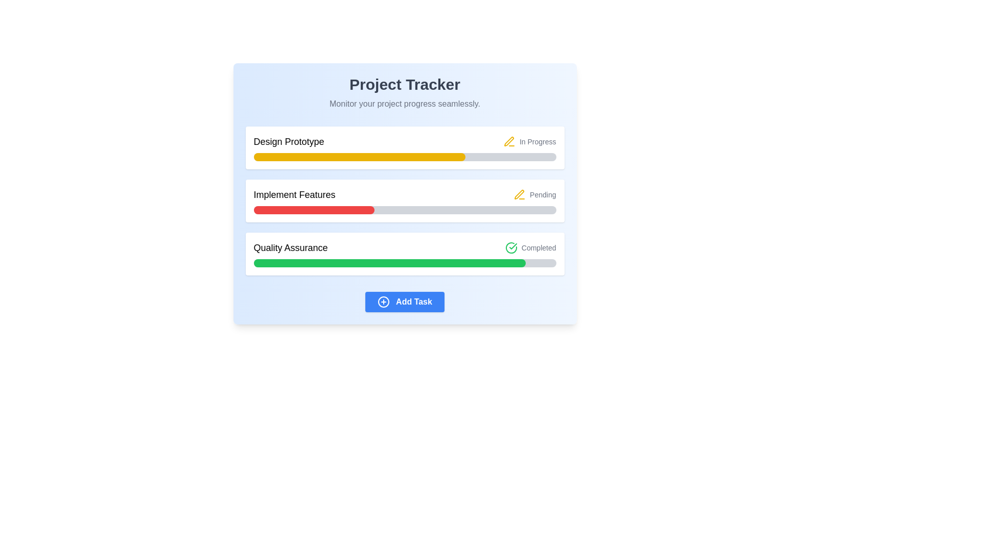  What do you see at coordinates (290, 248) in the screenshot?
I see `the 'Quality Assurance' text label, which is the leftmost component in the progress tracker interface` at bounding box center [290, 248].